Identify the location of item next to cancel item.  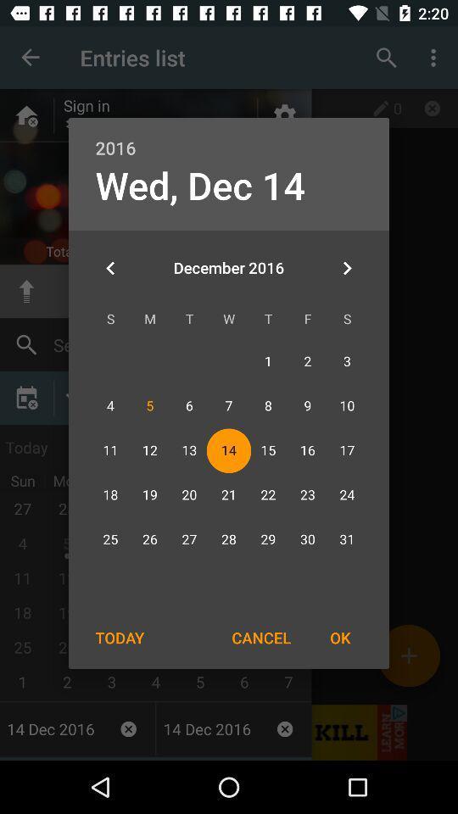
(119, 637).